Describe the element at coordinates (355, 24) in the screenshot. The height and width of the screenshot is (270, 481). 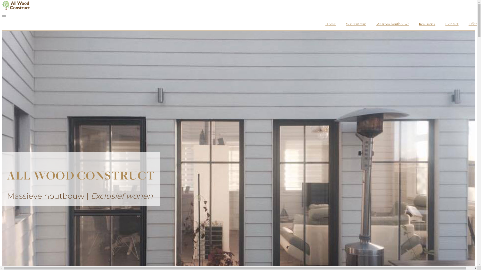
I see `'wie zijn wij?'` at that location.